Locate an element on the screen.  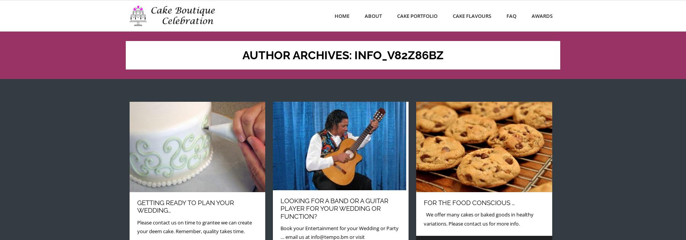
'FAQ' is located at coordinates (511, 16).